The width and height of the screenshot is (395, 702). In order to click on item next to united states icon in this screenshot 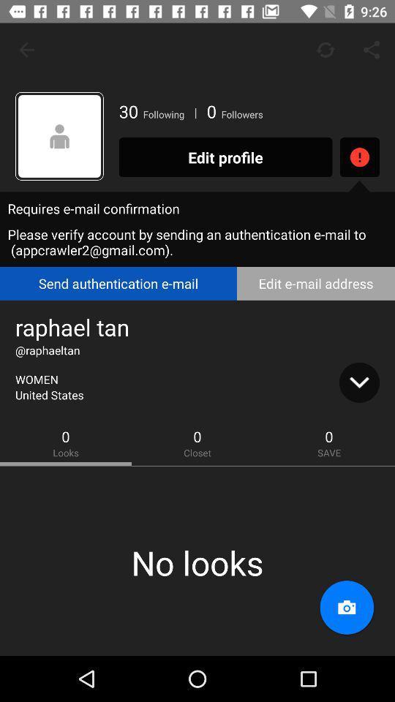, I will do `click(358, 382)`.